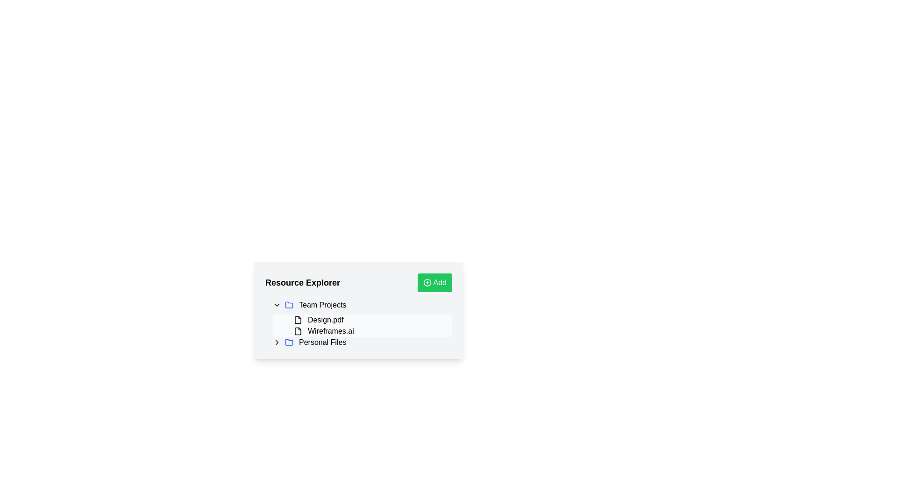  Describe the element at coordinates (370, 320) in the screenshot. I see `the TextLabelWithIcon displaying the file 'Design.pdf'` at that location.